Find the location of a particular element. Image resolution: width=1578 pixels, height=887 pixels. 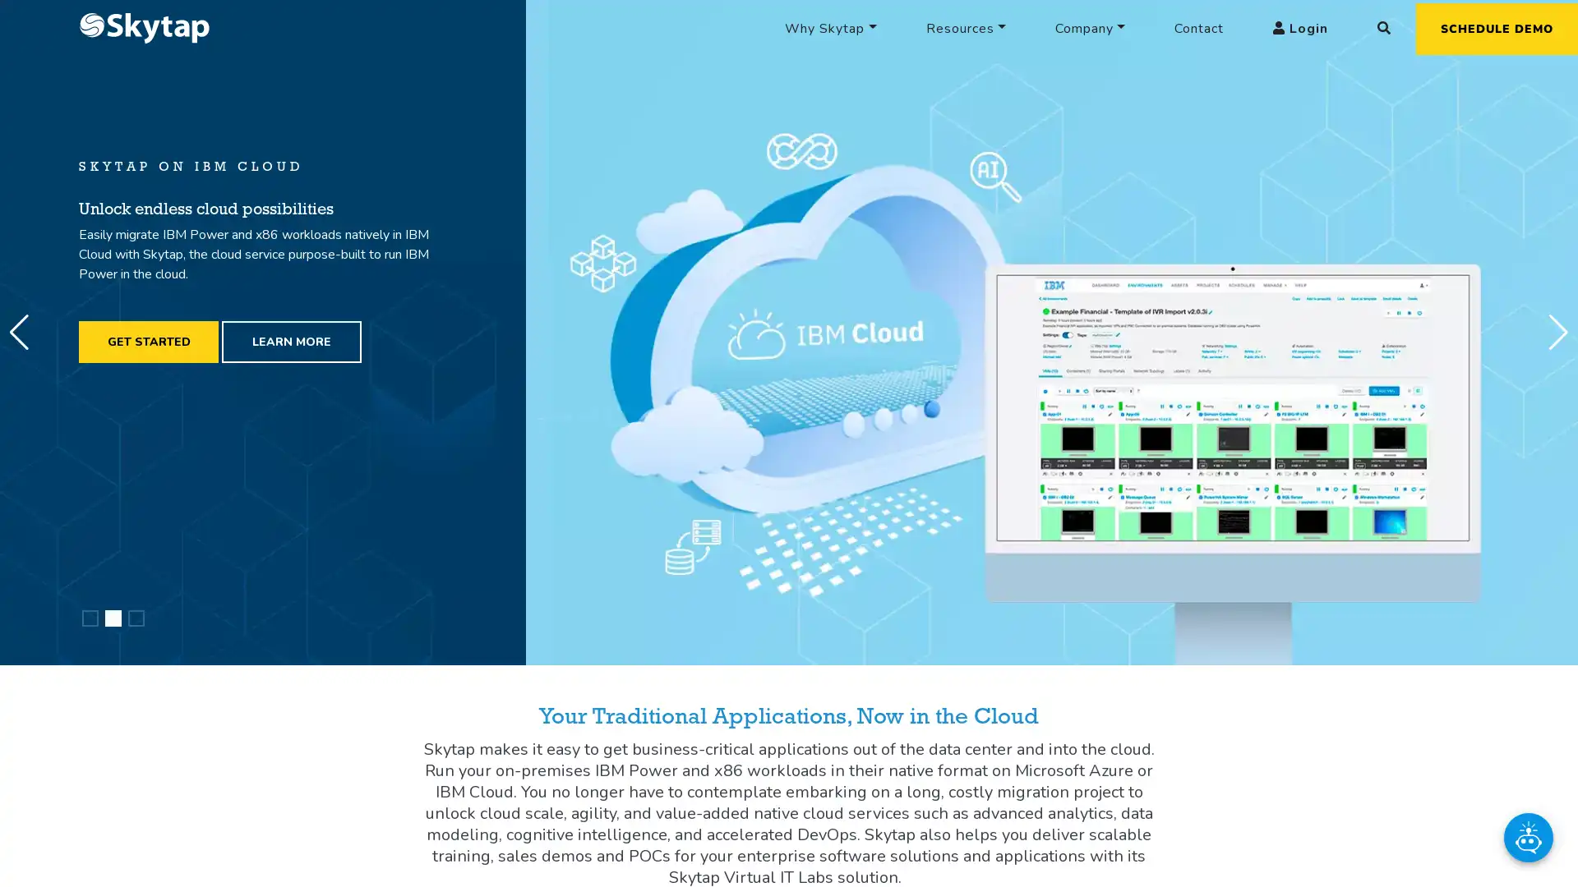

Go to slide 1 is located at coordinates (90, 618).